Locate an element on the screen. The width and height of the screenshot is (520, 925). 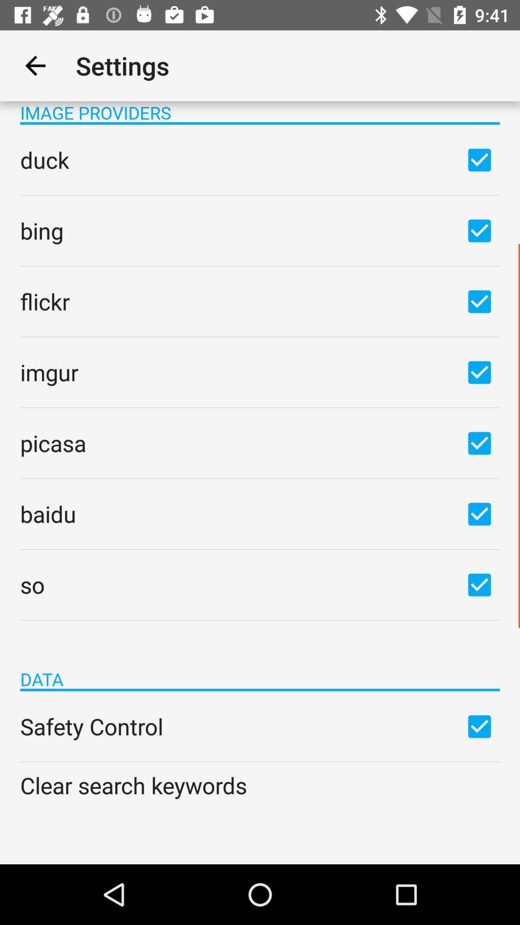
the app next to settings app is located at coordinates (35, 65).